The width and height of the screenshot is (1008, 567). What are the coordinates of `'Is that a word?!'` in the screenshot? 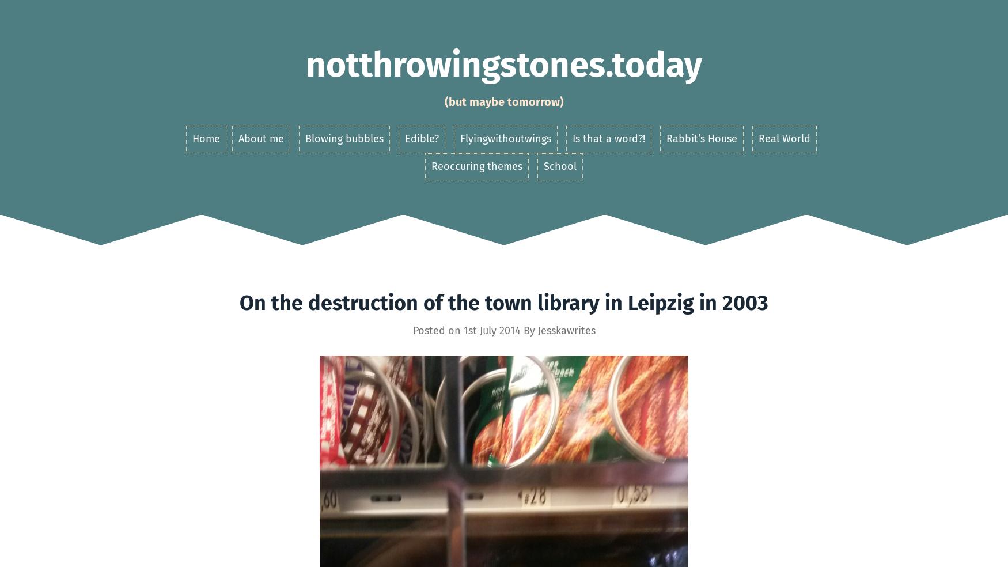 It's located at (607, 138).